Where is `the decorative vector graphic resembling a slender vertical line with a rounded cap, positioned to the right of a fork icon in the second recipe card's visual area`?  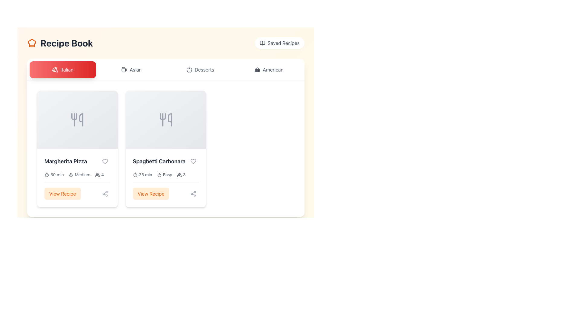 the decorative vector graphic resembling a slender vertical line with a rounded cap, positioned to the right of a fork icon in the second recipe card's visual area is located at coordinates (169, 120).